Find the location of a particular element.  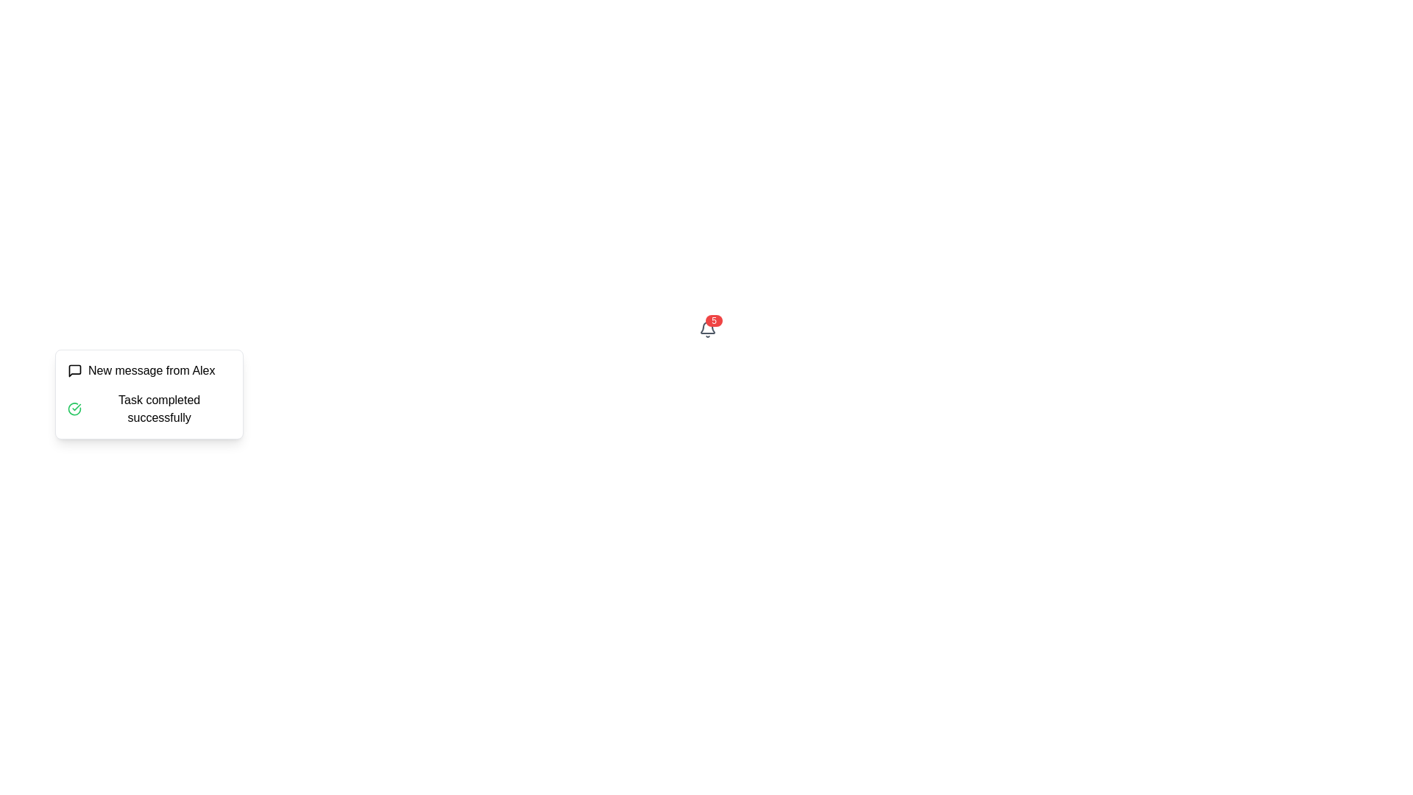

the message bubble icon located in the top-left corner of the group containing the text 'New message from Alex' is located at coordinates (74, 370).